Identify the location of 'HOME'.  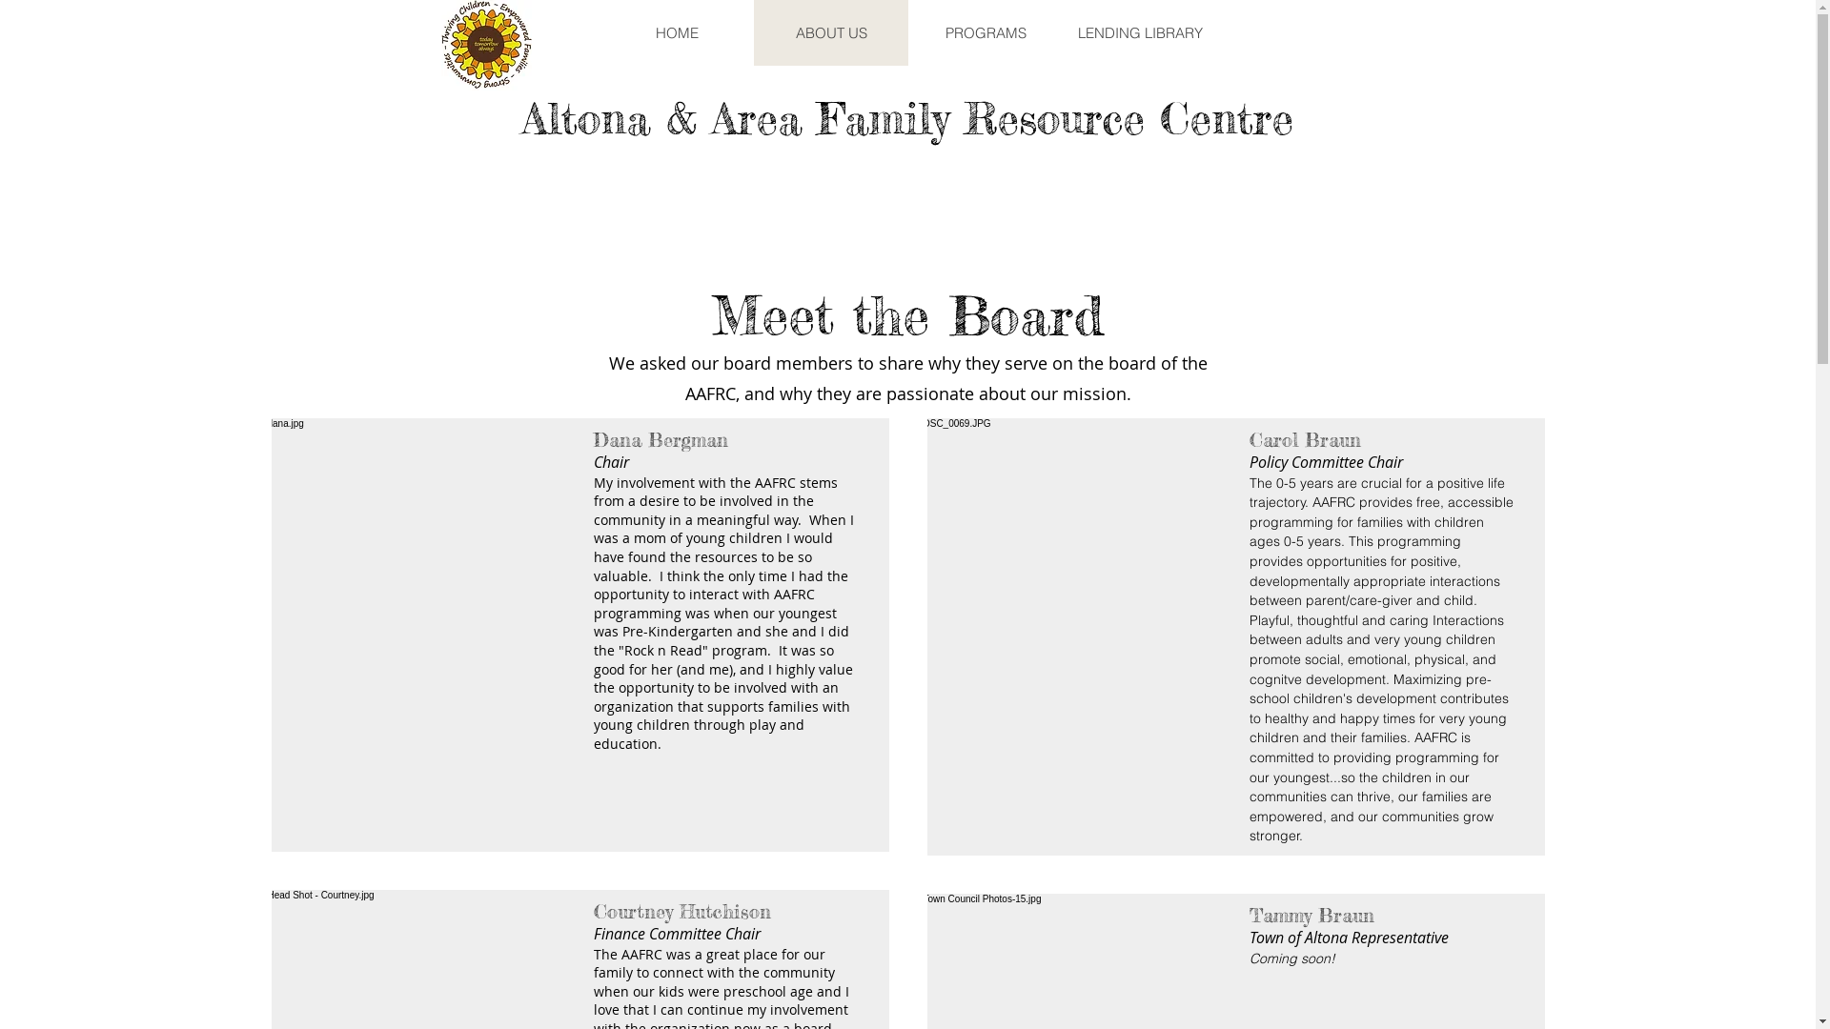
(676, 32).